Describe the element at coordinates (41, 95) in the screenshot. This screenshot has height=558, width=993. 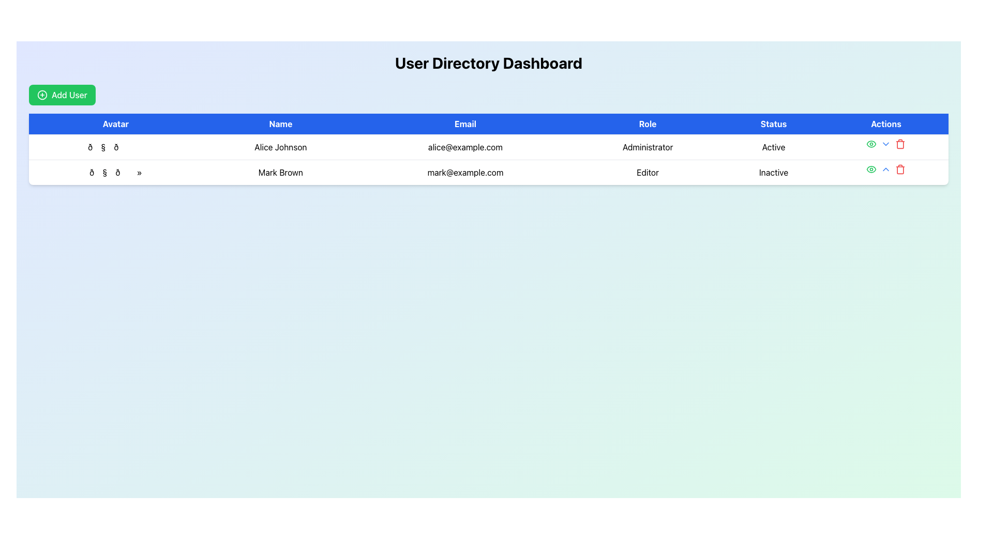
I see `the circular boundary of the icon representing adding or creating an item, which is part of the green 'Add User' button located at the top left of the page` at that location.